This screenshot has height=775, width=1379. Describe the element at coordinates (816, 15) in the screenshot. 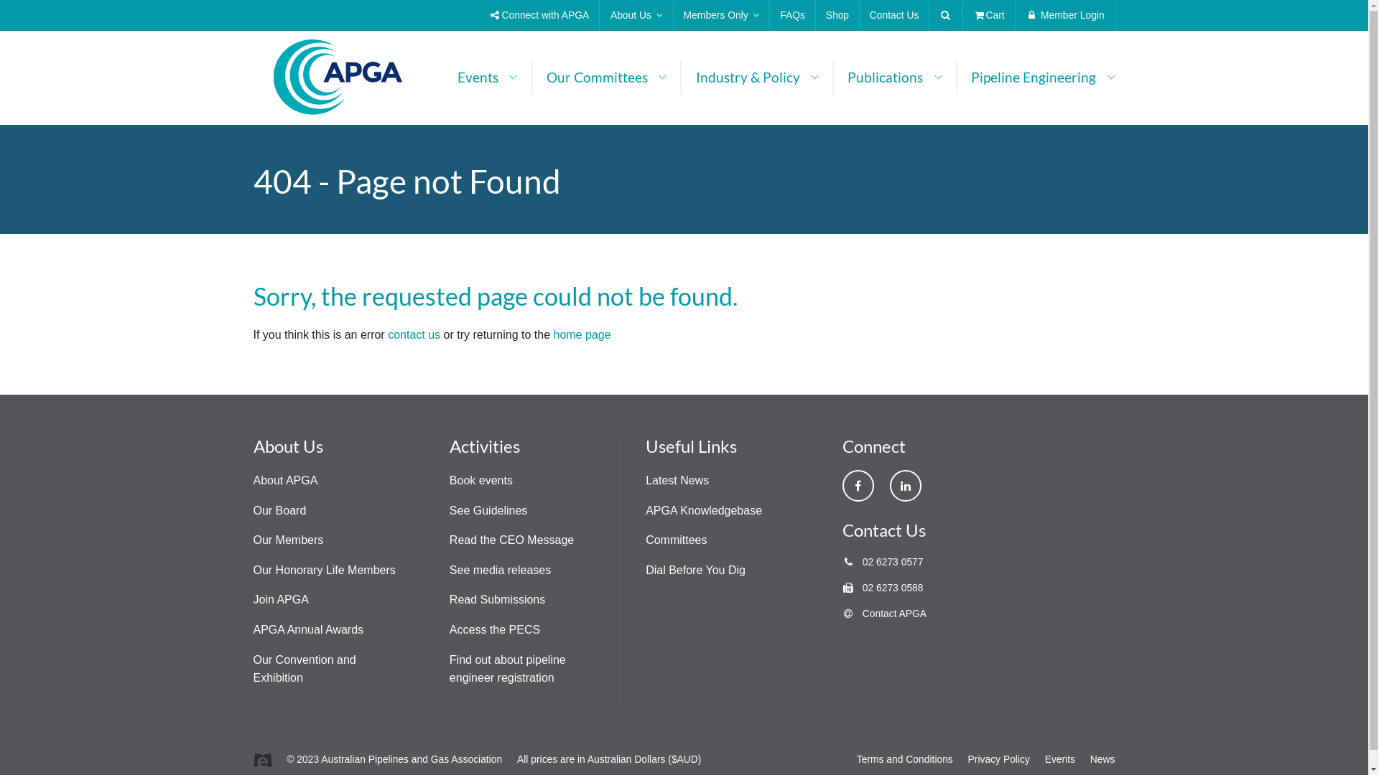

I see `'Shop'` at that location.